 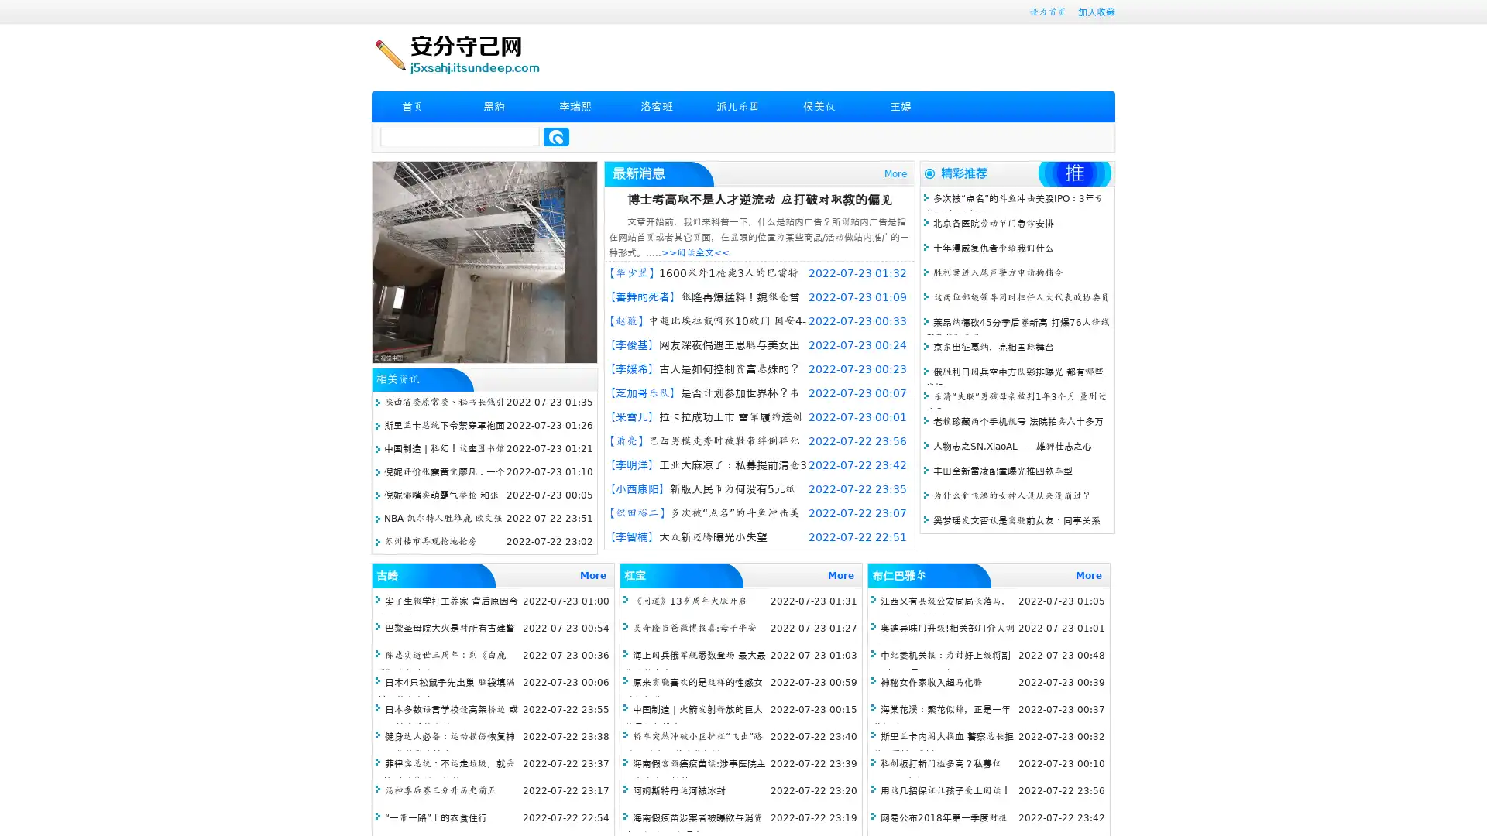 I want to click on Search, so click(x=556, y=136).